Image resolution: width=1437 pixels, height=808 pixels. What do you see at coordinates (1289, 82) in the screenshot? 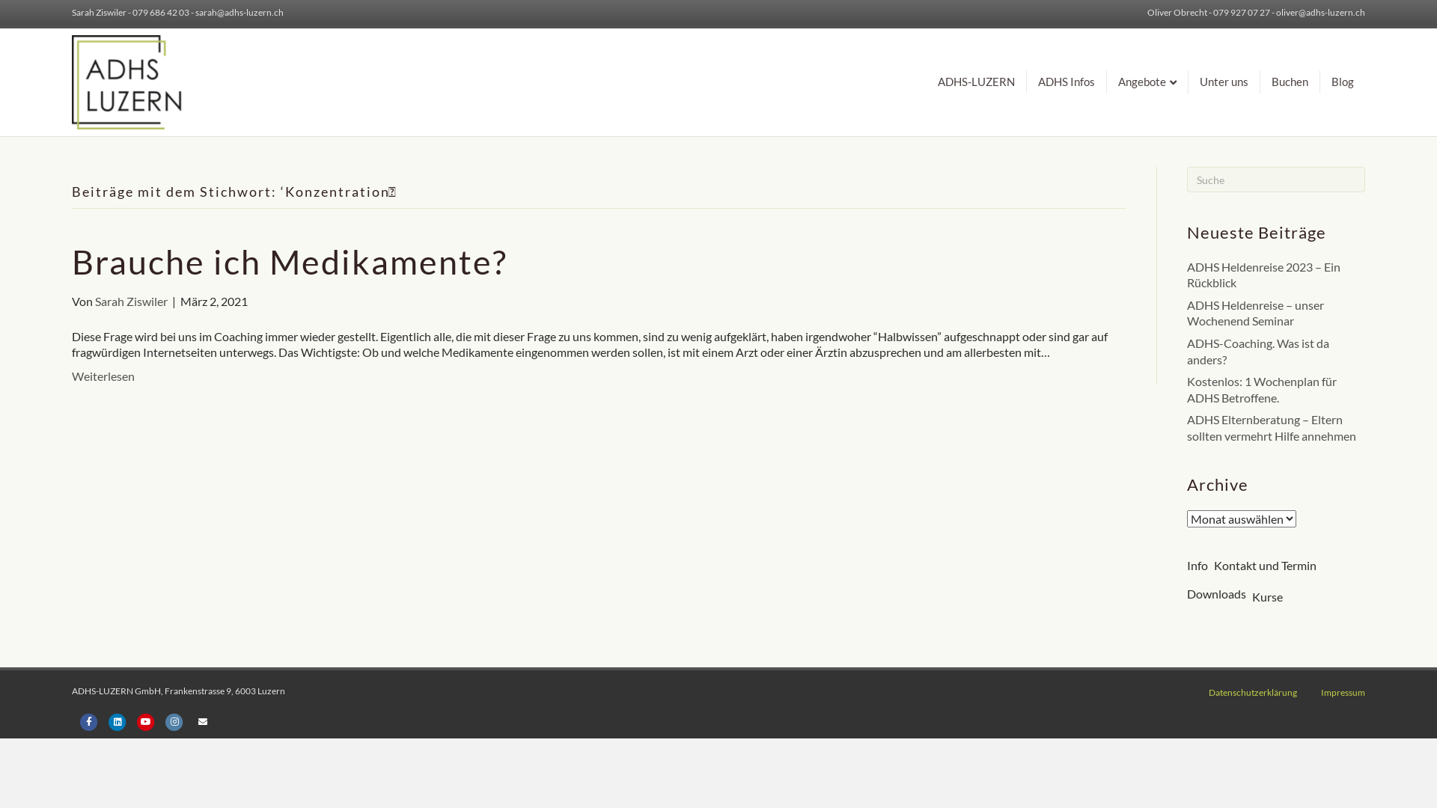
I see `'Buchen'` at bounding box center [1289, 82].